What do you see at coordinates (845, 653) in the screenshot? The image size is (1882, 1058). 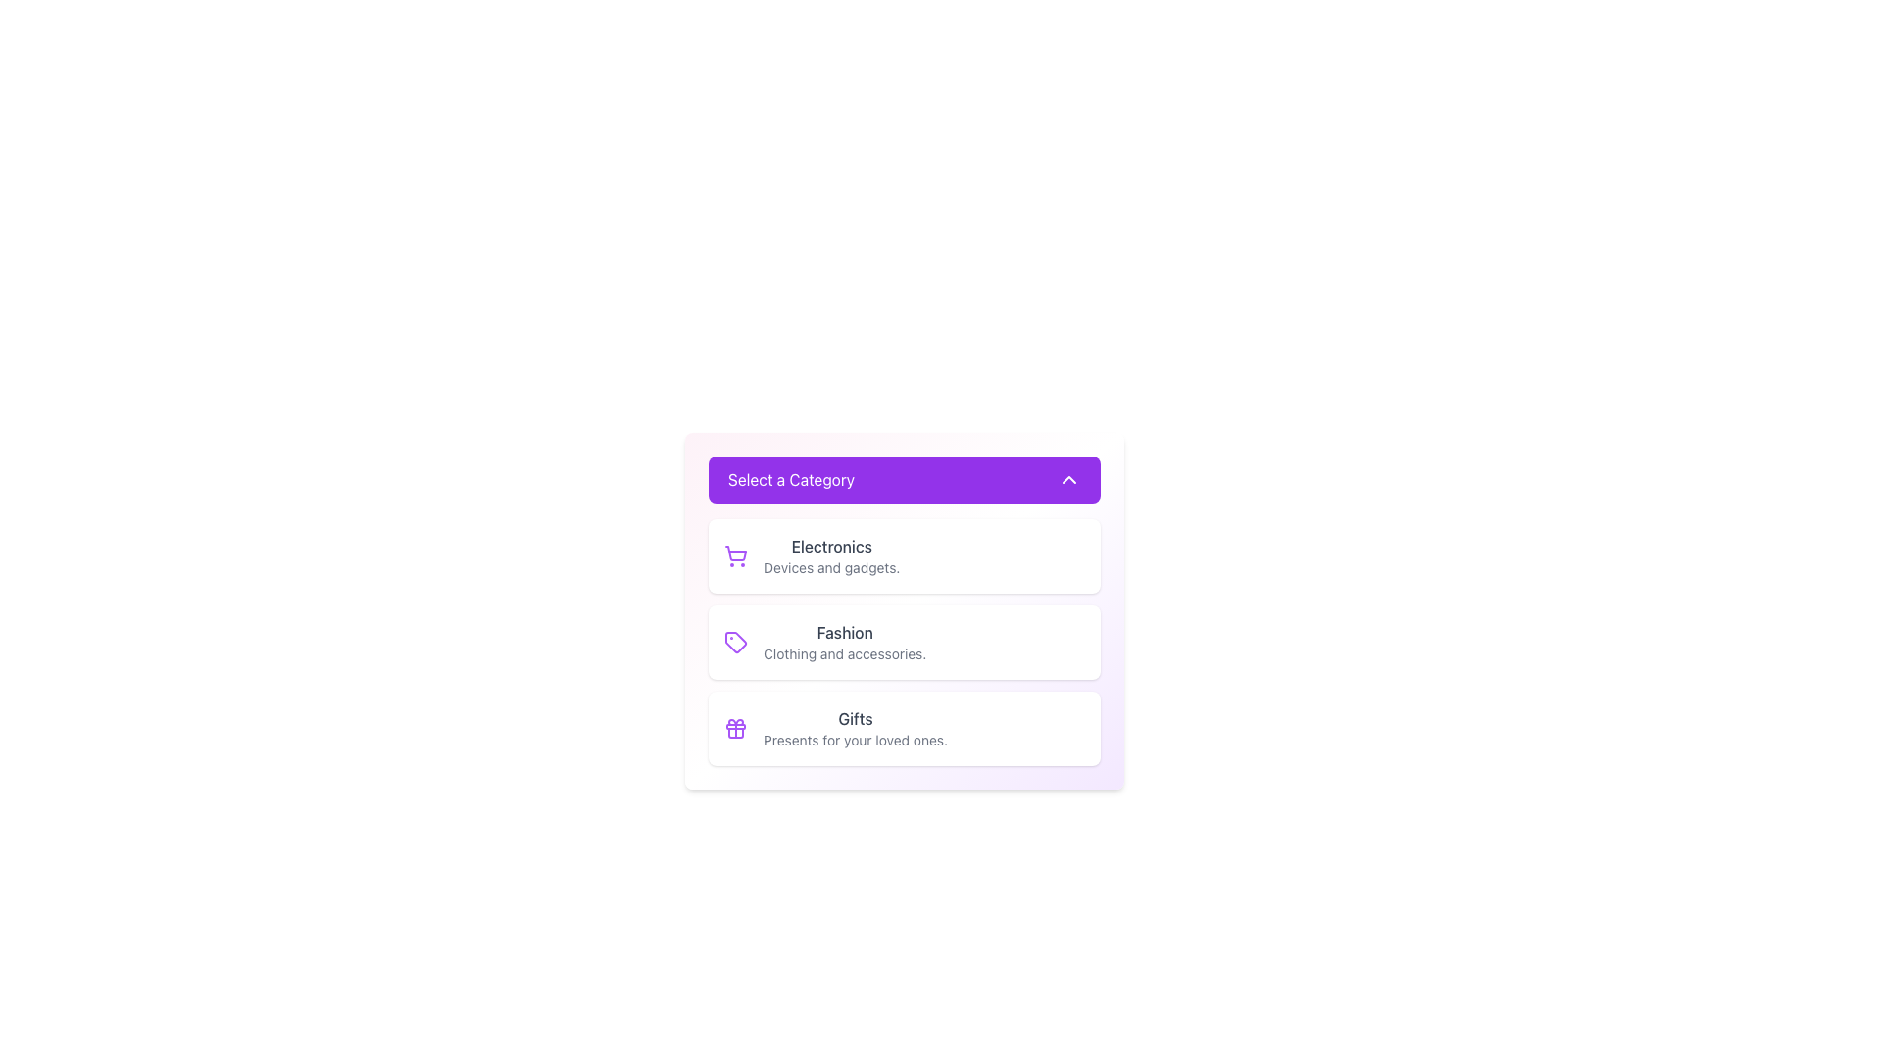 I see `the text label displaying 'Clothing and accessories.' which is styled in a smaller gray font and located directly beneath the 'Fashion' title` at bounding box center [845, 653].